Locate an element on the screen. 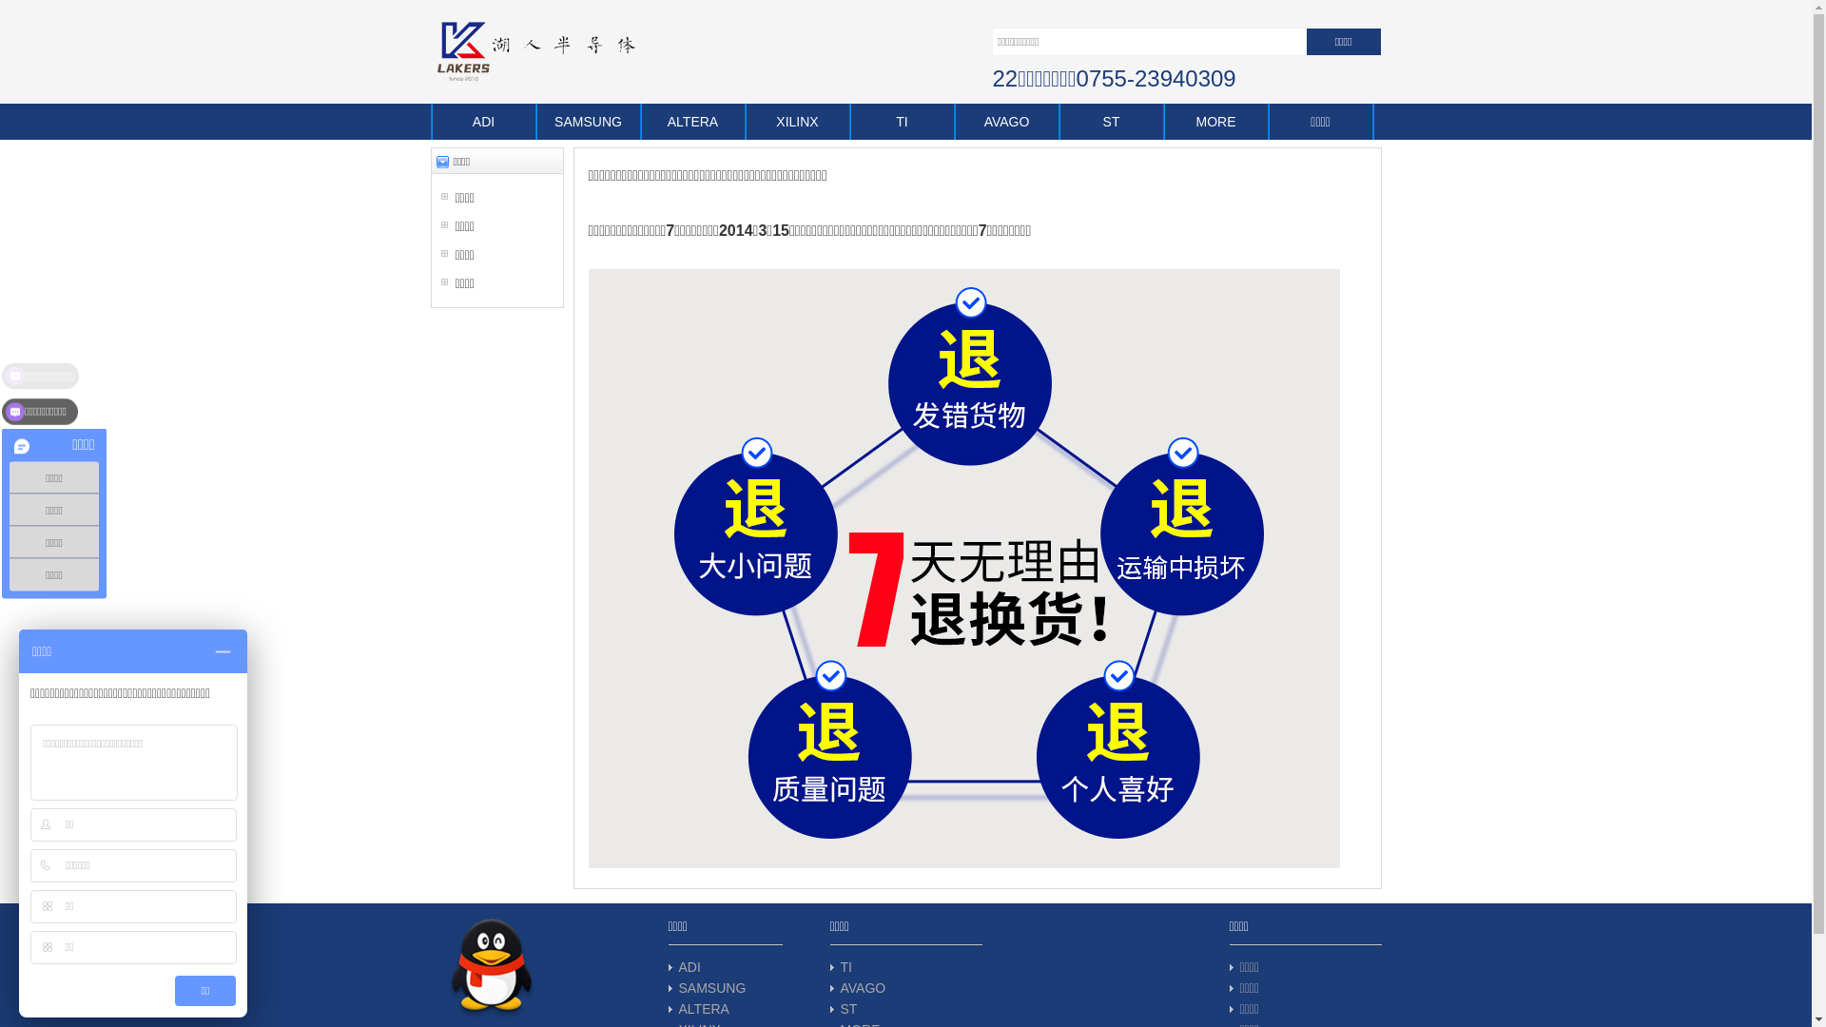 The height and width of the screenshot is (1027, 1826). 'AVAGO' is located at coordinates (954, 121).